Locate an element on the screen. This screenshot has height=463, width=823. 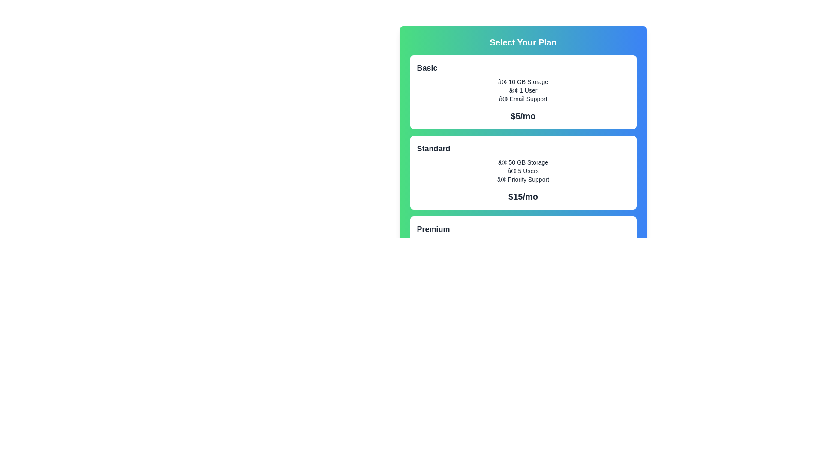
the 'Standard' pricing plan label, which is positioned below the 'Basic' plan and above the 'Premium' plan in the vertical stack of pricing plans is located at coordinates (433, 148).